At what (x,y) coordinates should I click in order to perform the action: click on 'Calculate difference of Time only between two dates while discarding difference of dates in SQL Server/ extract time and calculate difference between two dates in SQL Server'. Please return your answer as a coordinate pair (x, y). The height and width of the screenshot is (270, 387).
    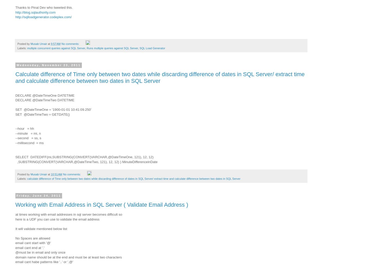
    Looking at the image, I should click on (160, 77).